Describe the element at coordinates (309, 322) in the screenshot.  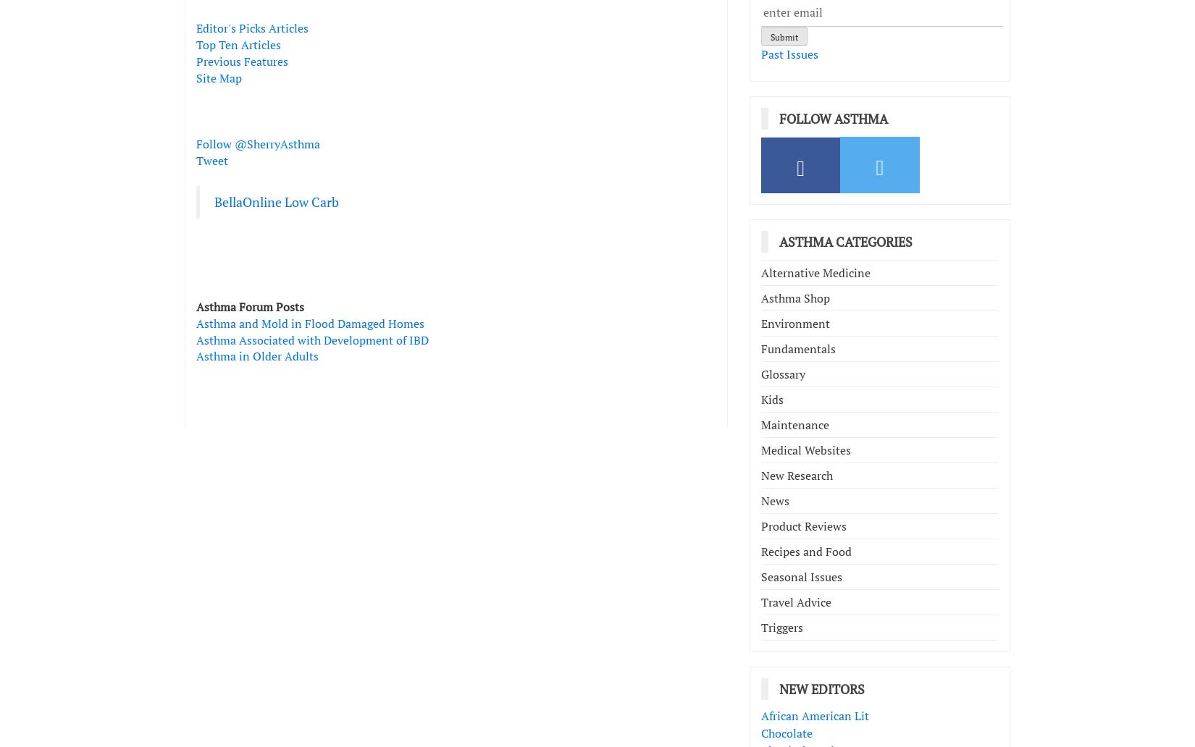
I see `'Asthma and Mold in Flood Damaged Homes'` at that location.